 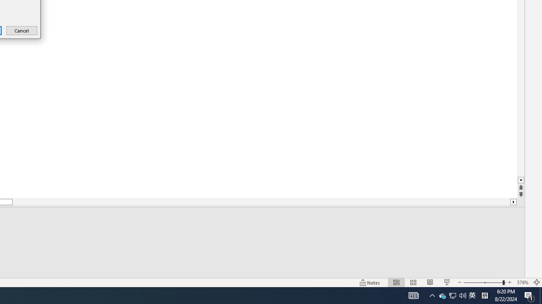 I want to click on 'Show desktop', so click(x=529, y=295).